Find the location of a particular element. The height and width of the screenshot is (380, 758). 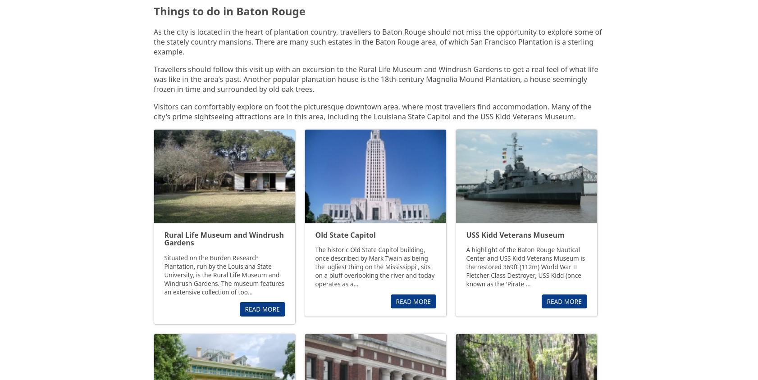

'USS Kidd Veterans Museum' is located at coordinates (514, 234).